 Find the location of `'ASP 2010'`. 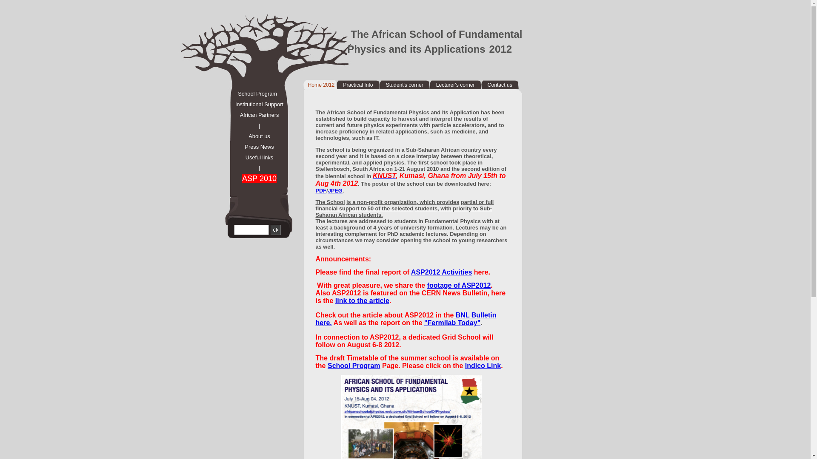

'ASP 2010' is located at coordinates (254, 178).